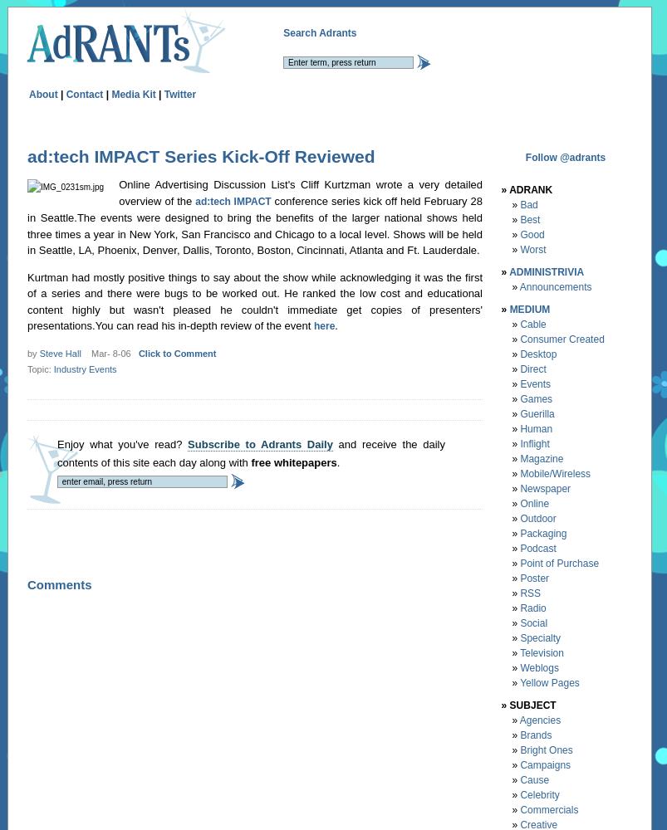  I want to click on 'Bad', so click(520, 203).